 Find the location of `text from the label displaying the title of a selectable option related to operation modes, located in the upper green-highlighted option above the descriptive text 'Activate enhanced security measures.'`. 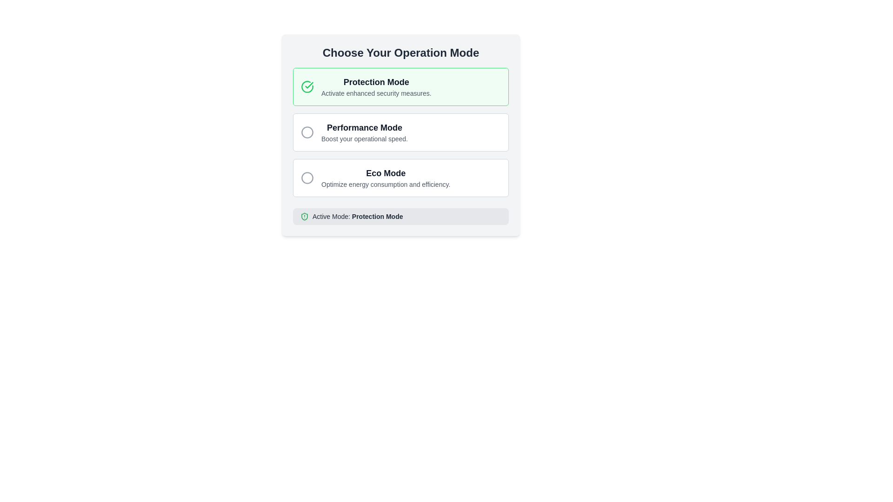

text from the label displaying the title of a selectable option related to operation modes, located in the upper green-highlighted option above the descriptive text 'Activate enhanced security measures.' is located at coordinates (376, 82).